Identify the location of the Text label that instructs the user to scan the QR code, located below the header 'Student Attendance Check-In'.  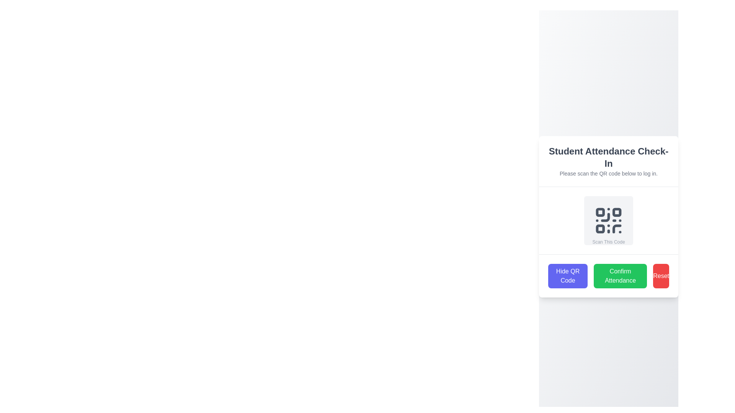
(608, 174).